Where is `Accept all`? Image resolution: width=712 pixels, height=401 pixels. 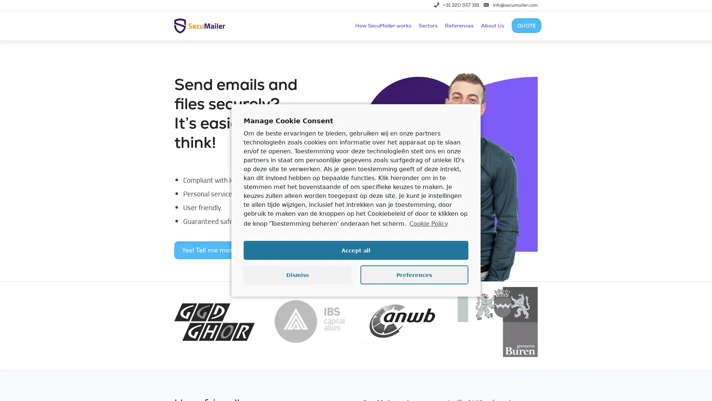 Accept all is located at coordinates (356, 250).